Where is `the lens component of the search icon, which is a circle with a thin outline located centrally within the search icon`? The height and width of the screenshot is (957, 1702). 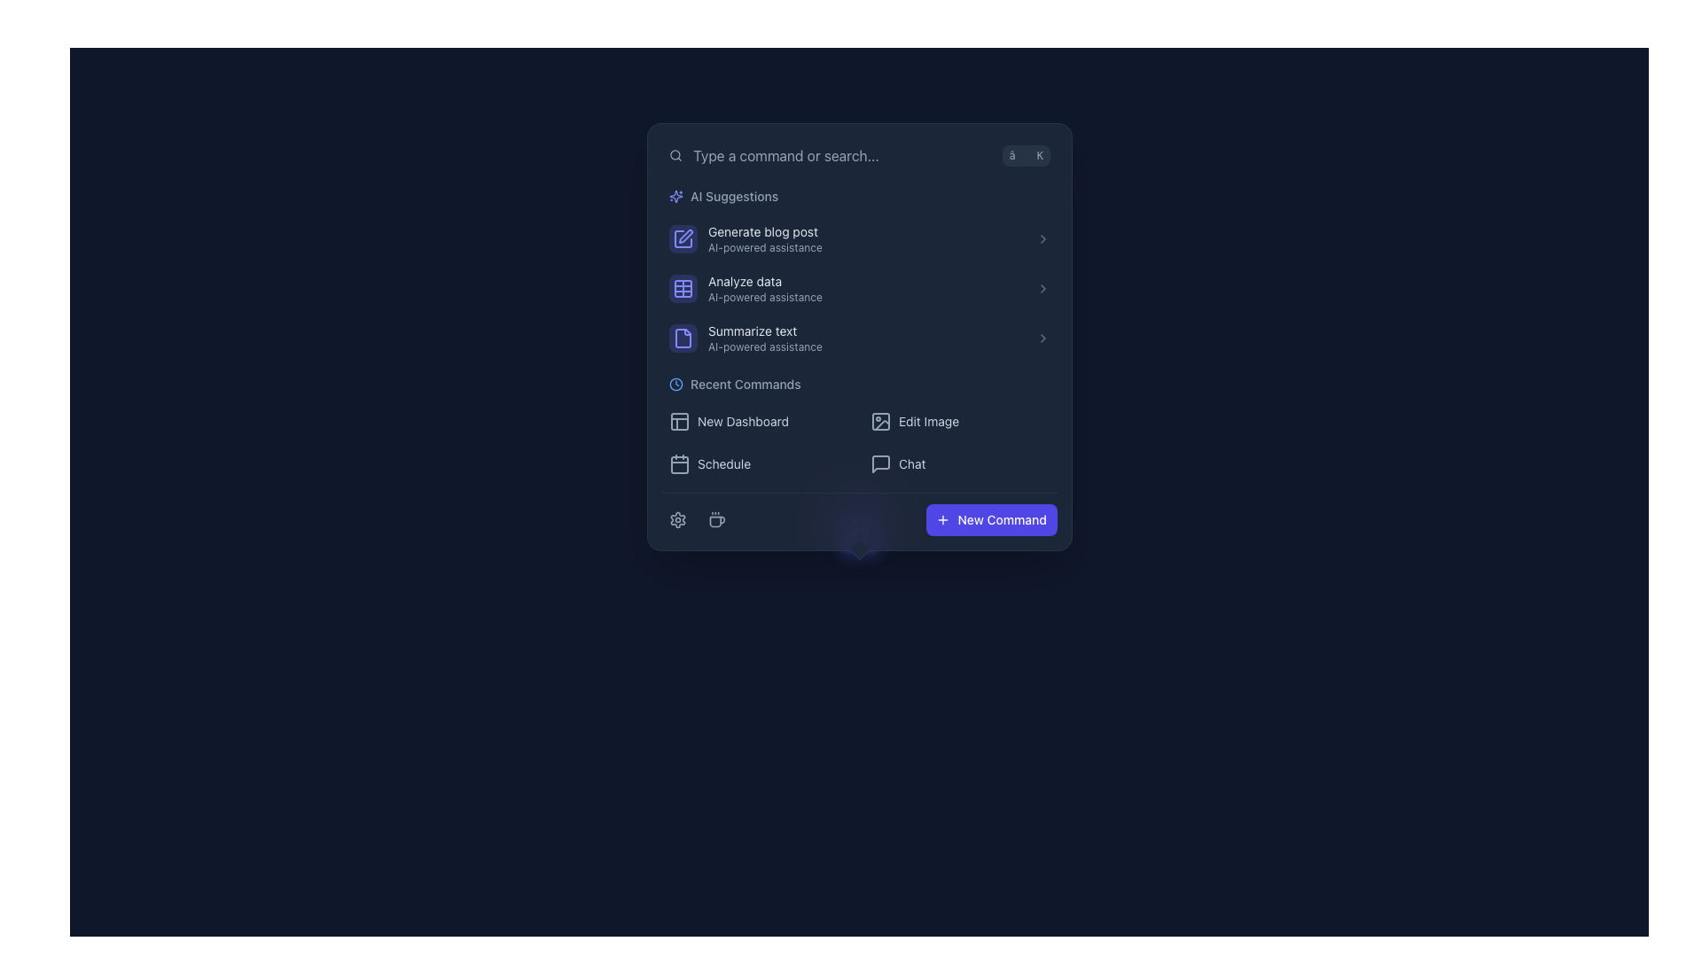
the lens component of the search icon, which is a circle with a thin outline located centrally within the search icon is located at coordinates (674, 154).